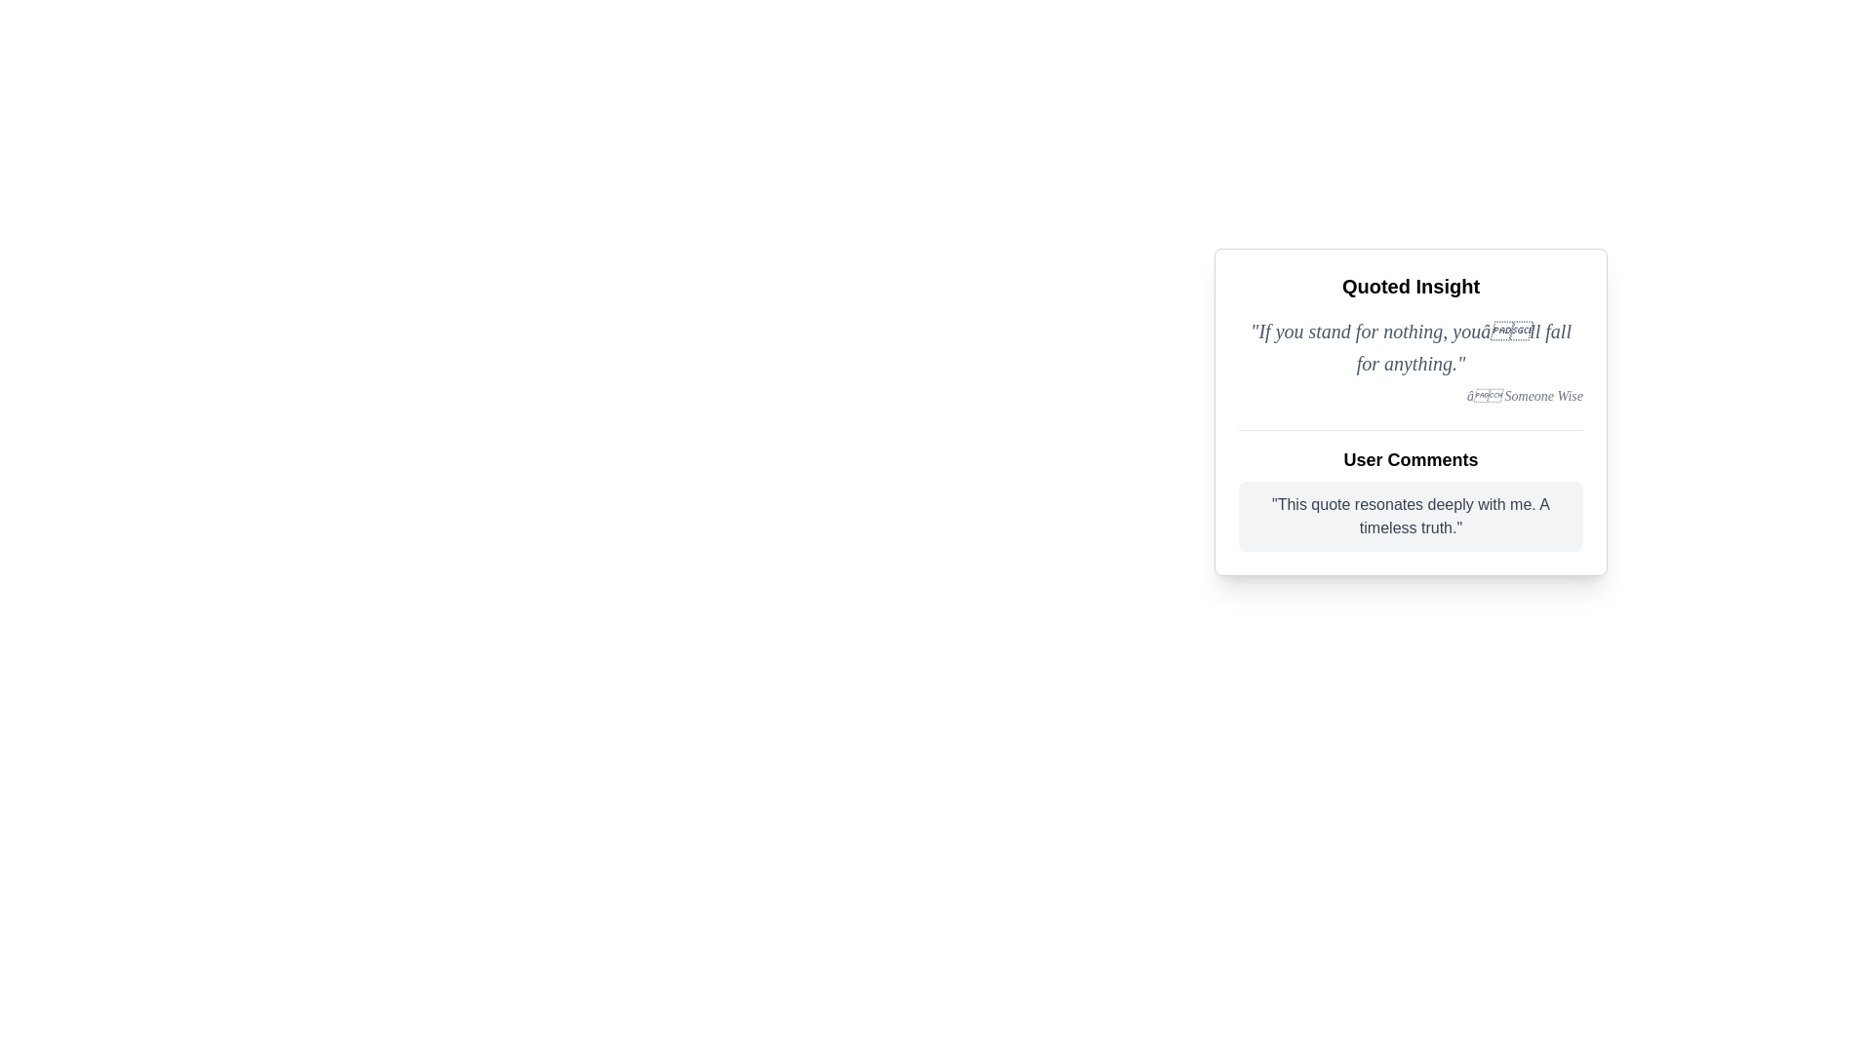 This screenshot has height=1053, width=1873. What do you see at coordinates (1411, 515) in the screenshot?
I see `text displayed in the Text block immediately below the 'User Comments' heading, which provides context or feedback relevant to the page content` at bounding box center [1411, 515].